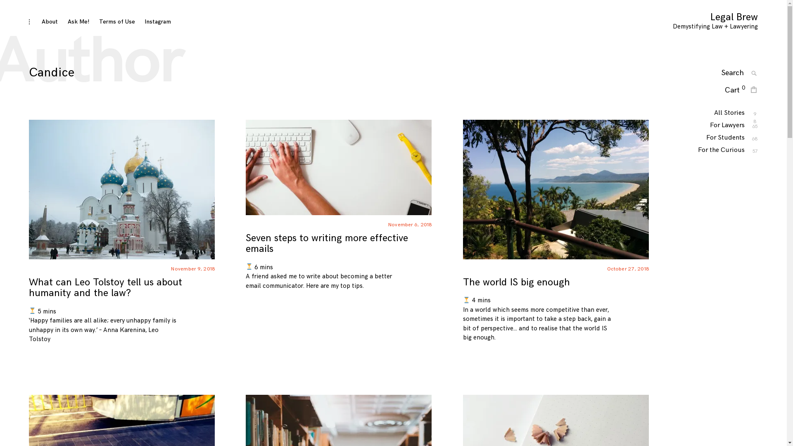 Image resolution: width=793 pixels, height=446 pixels. Describe the element at coordinates (326, 243) in the screenshot. I see `'Seven steps to writing more effective emails'` at that location.